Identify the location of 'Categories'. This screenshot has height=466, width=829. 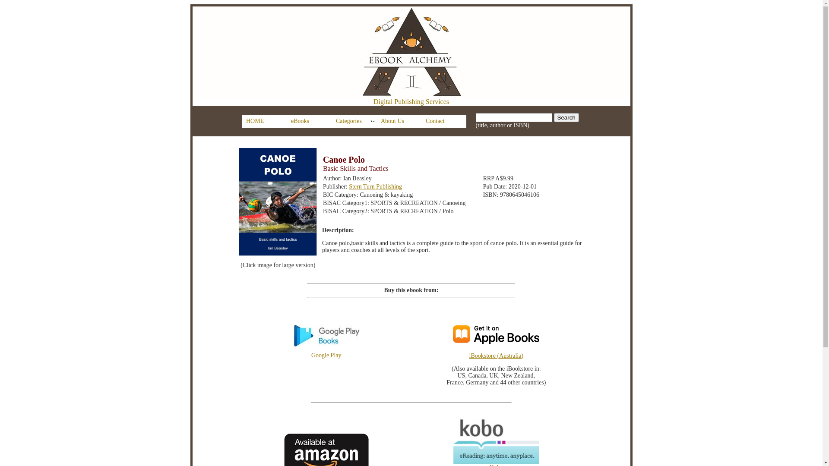
(354, 121).